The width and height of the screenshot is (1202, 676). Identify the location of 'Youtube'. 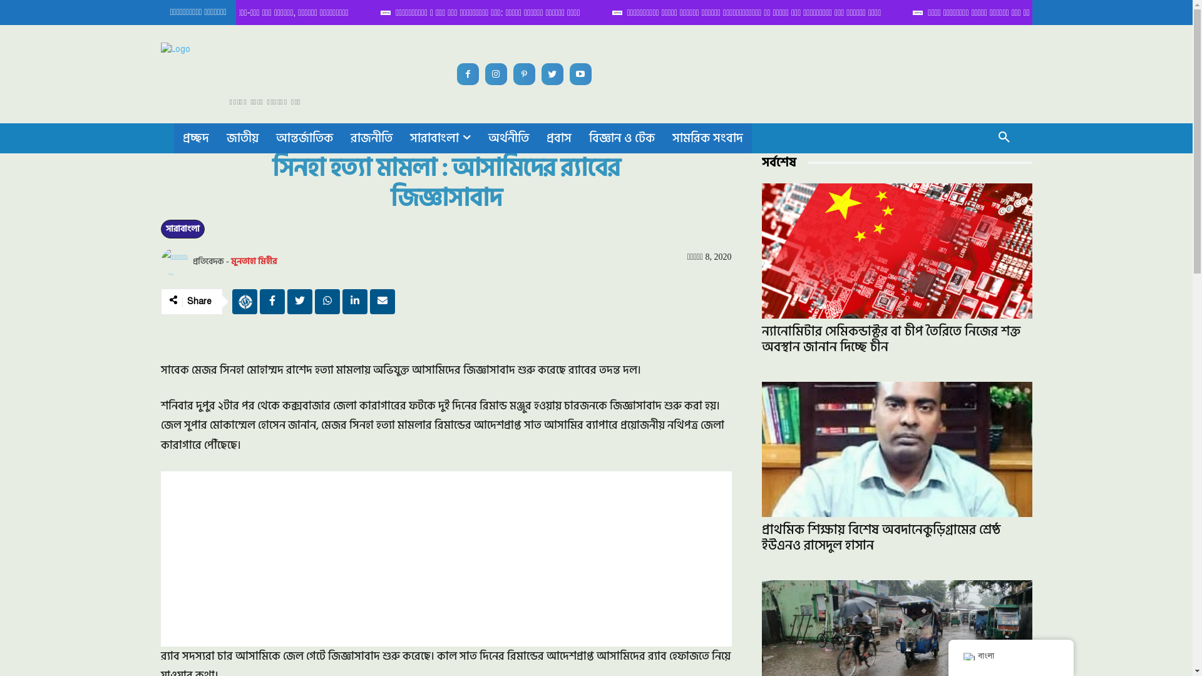
(580, 74).